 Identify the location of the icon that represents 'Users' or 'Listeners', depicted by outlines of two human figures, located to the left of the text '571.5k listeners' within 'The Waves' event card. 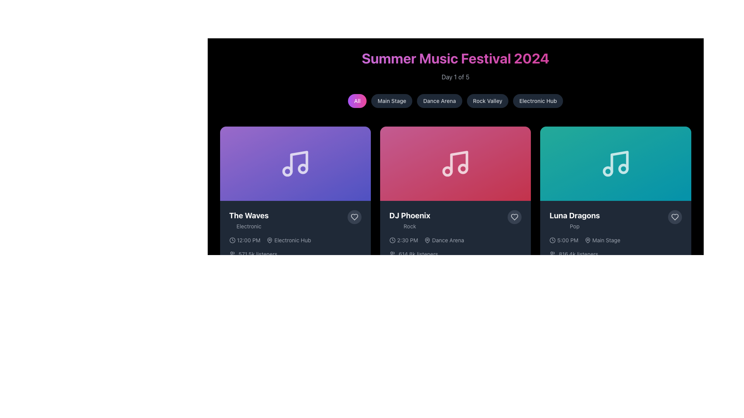
(232, 254).